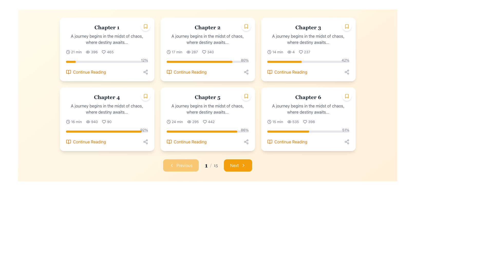 The width and height of the screenshot is (493, 277). What do you see at coordinates (346, 130) in the screenshot?
I see `the Text label indicating the completion percentage of the progress bar for Chapter 6, located at the right-most side above the progress bar` at bounding box center [346, 130].